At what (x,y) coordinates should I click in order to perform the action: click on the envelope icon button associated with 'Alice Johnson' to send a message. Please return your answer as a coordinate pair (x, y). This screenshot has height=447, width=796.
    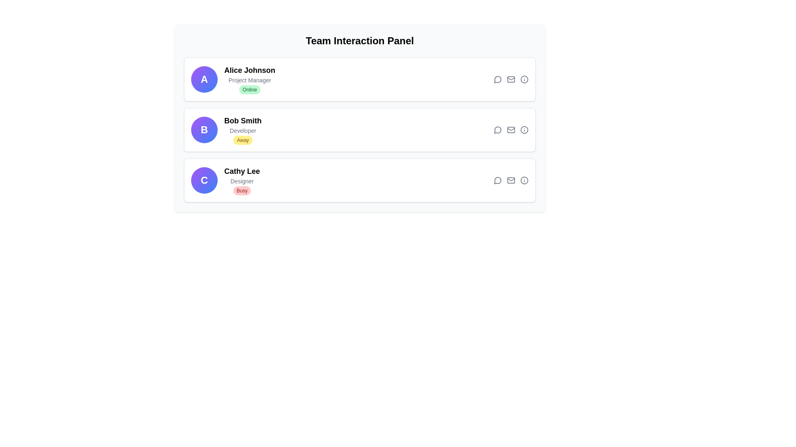
    Looking at the image, I should click on (511, 79).